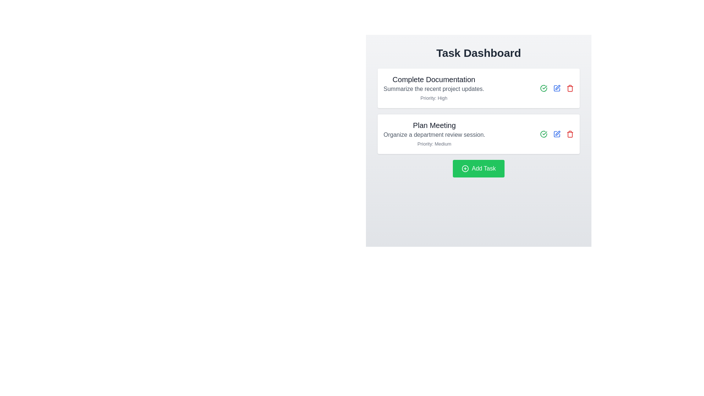  What do you see at coordinates (478, 168) in the screenshot?
I see `the 'Add New Task' button located at the bottom of the task list section, centered horizontally, to initiate a new task creation` at bounding box center [478, 168].